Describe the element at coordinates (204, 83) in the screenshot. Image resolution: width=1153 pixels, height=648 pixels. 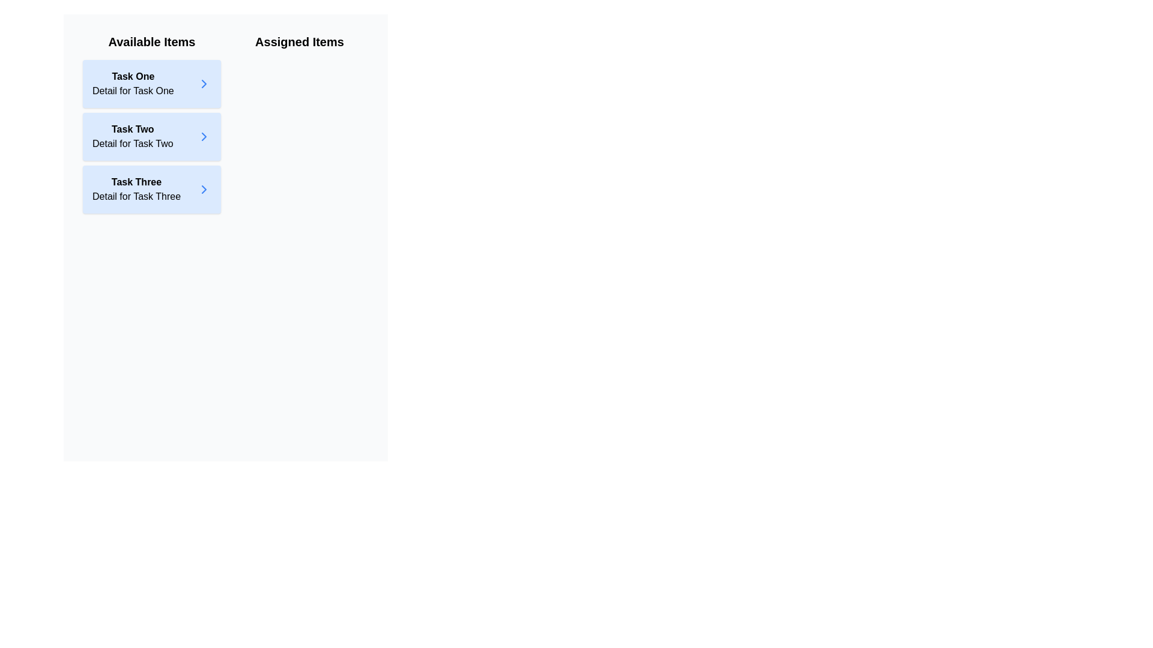
I see `right arrow icon next to the item 'Task One' in the 'Available Items' list to move it to the 'Assigned Items' list` at that location.